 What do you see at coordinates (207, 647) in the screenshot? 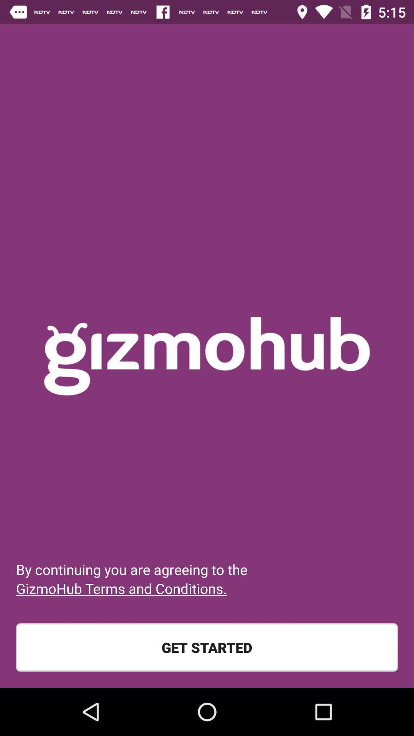
I see `item below gizmohub terms and icon` at bounding box center [207, 647].